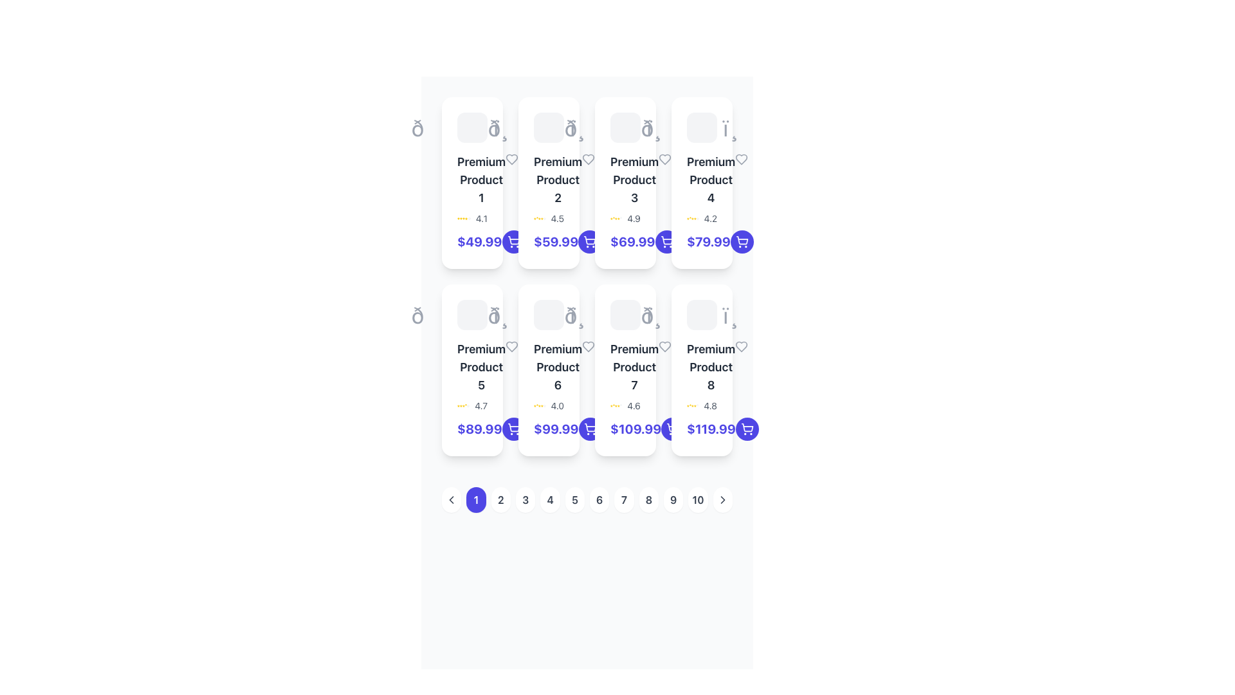  Describe the element at coordinates (471, 183) in the screenshot. I see `the product name 'Premium Product 1' in the product card located at the top-left corner of the marketplace interface` at that location.